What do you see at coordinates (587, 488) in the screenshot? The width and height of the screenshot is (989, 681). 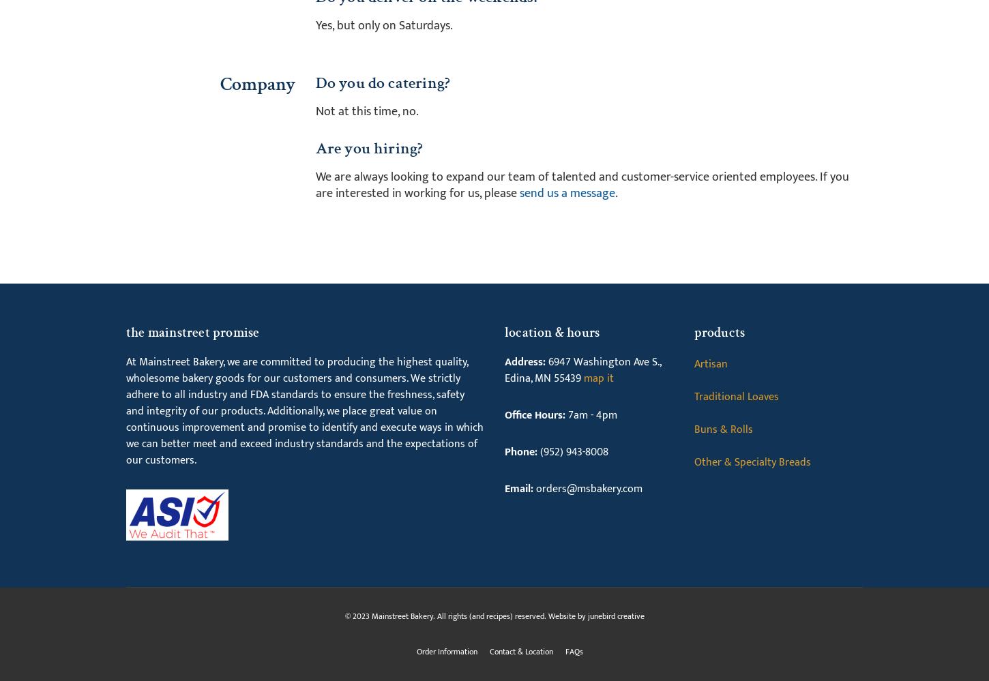 I see `'orders@msbakery.com'` at bounding box center [587, 488].